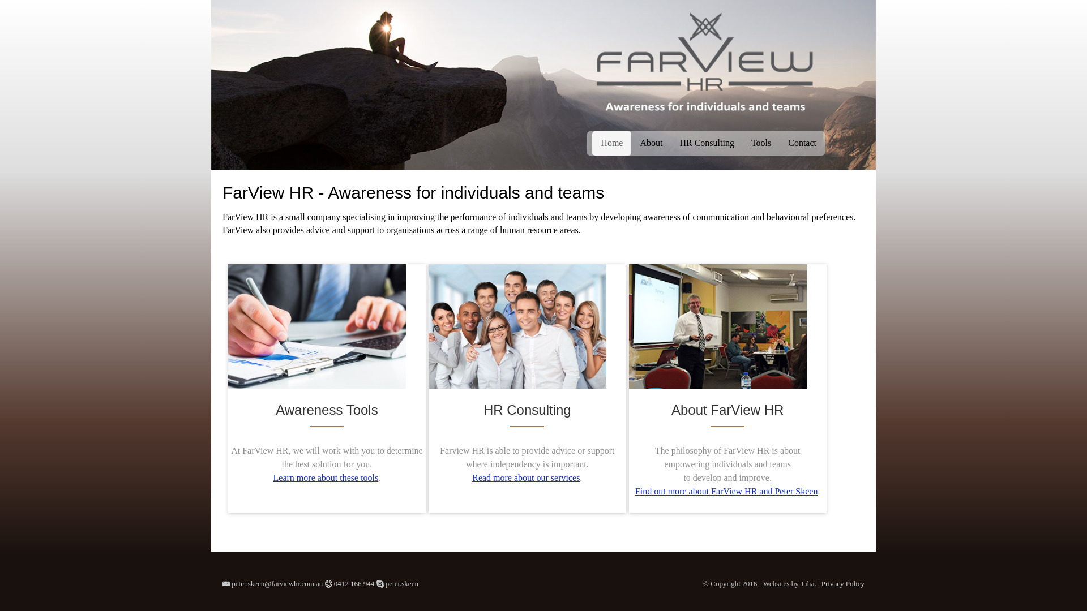 The width and height of the screenshot is (1087, 611). I want to click on 'Privacy Policy', so click(842, 583).